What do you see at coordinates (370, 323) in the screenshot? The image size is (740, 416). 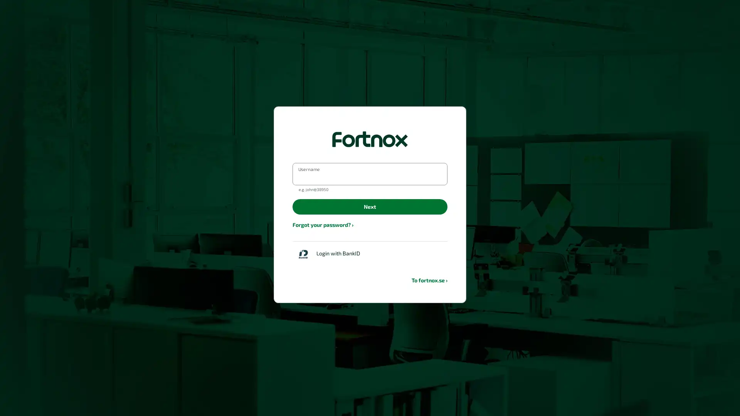 I see `Login` at bounding box center [370, 323].